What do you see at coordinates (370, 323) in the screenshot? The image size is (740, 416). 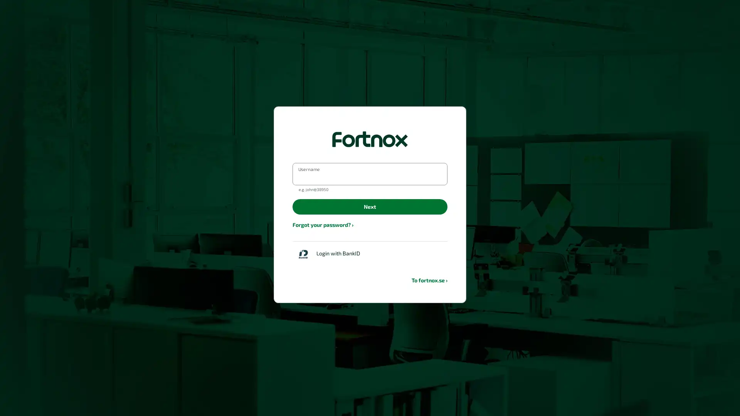 I see `Login` at bounding box center [370, 323].